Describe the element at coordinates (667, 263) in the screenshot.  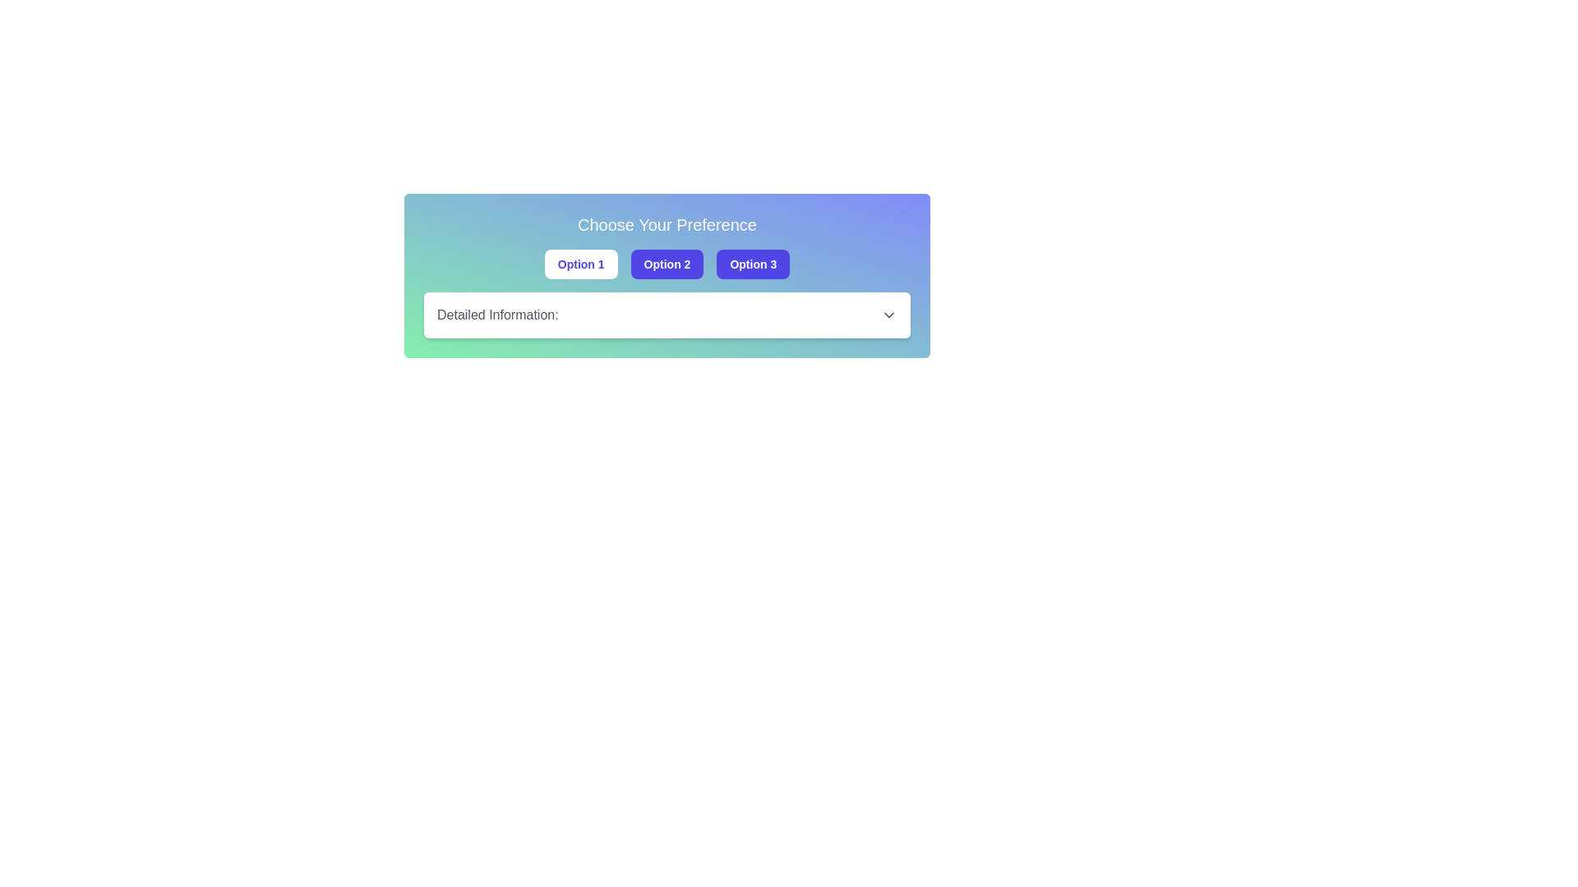
I see `the second button from the left labeled 'Option 2' located beneath the heading 'Choose Your Preference'` at that location.